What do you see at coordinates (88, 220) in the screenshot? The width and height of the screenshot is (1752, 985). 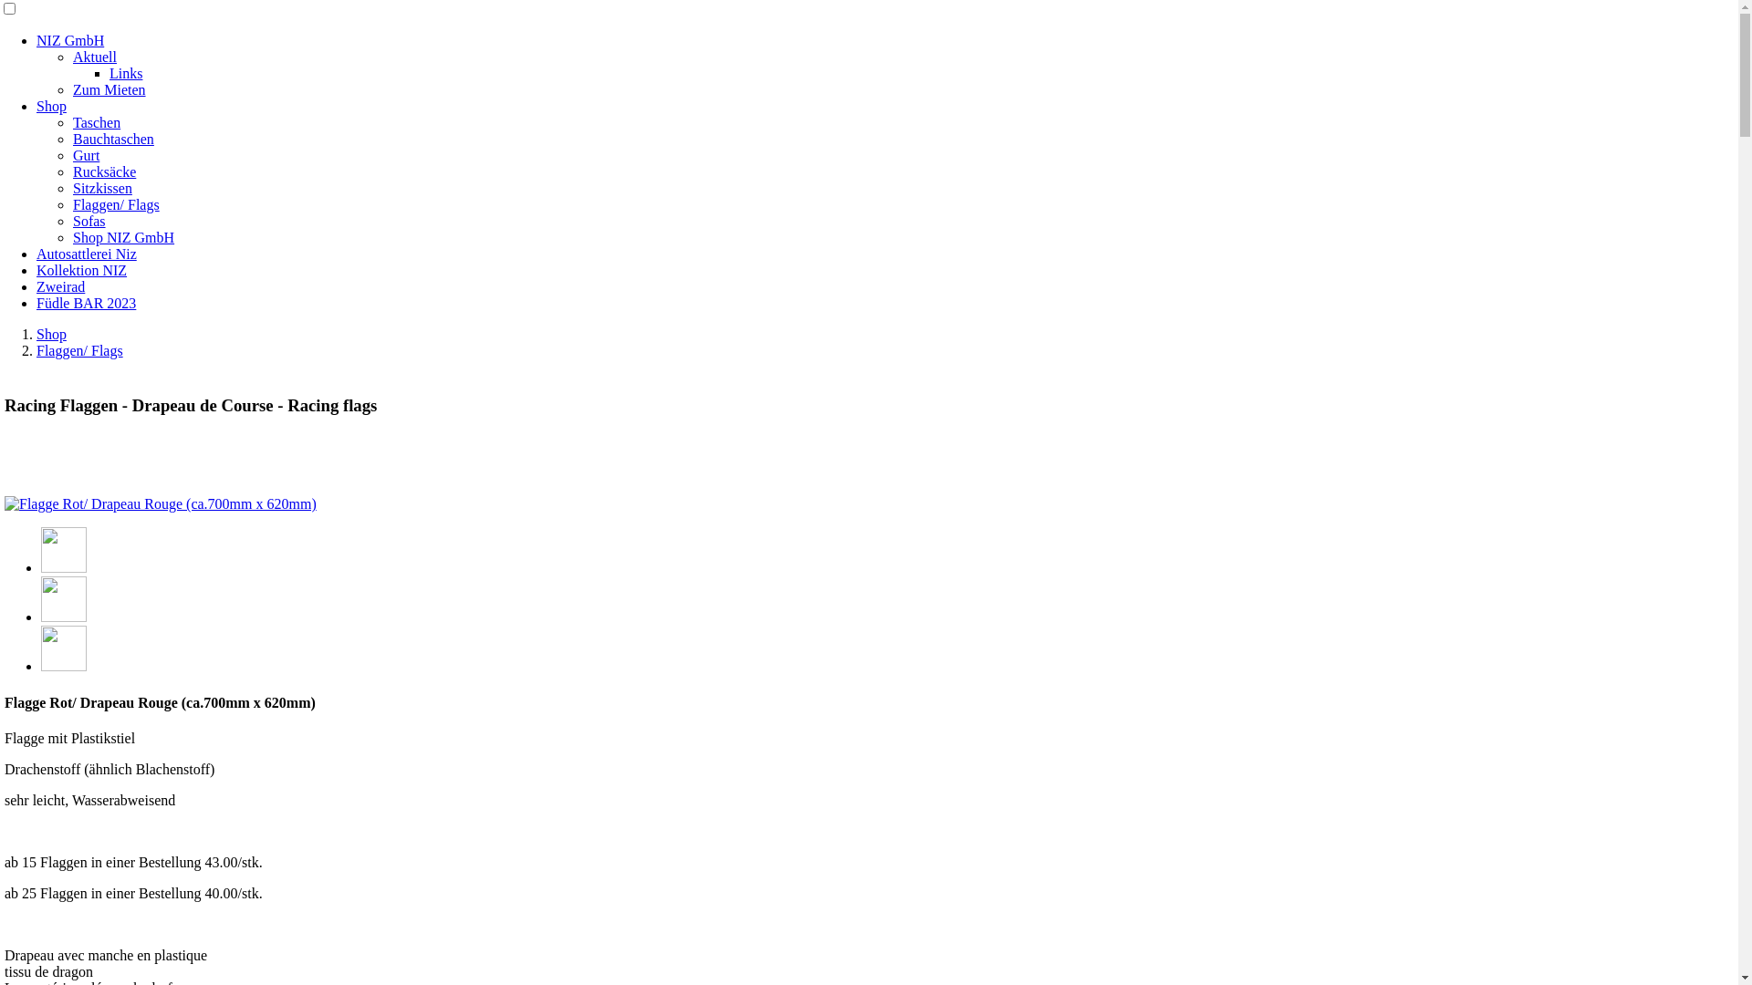 I see `'Sofas'` at bounding box center [88, 220].